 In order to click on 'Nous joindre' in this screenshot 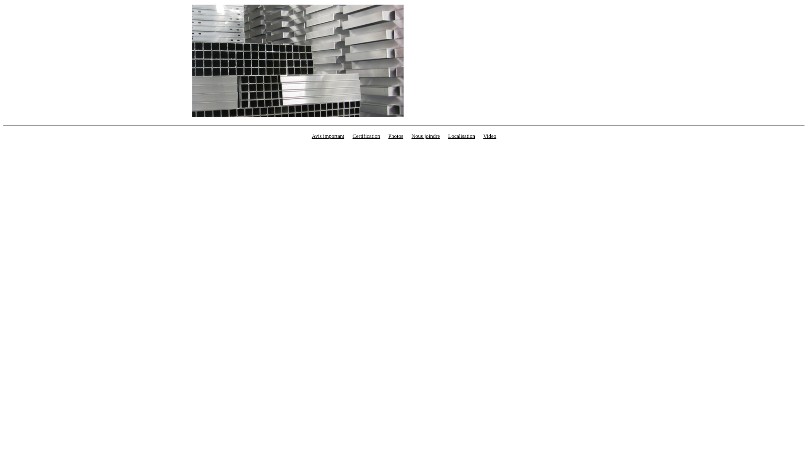, I will do `click(426, 135)`.